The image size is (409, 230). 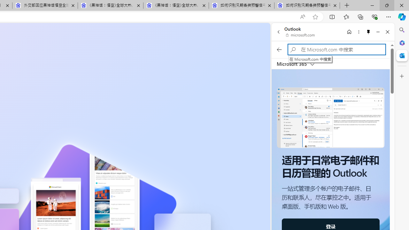 I want to click on 'Back', so click(x=278, y=32).